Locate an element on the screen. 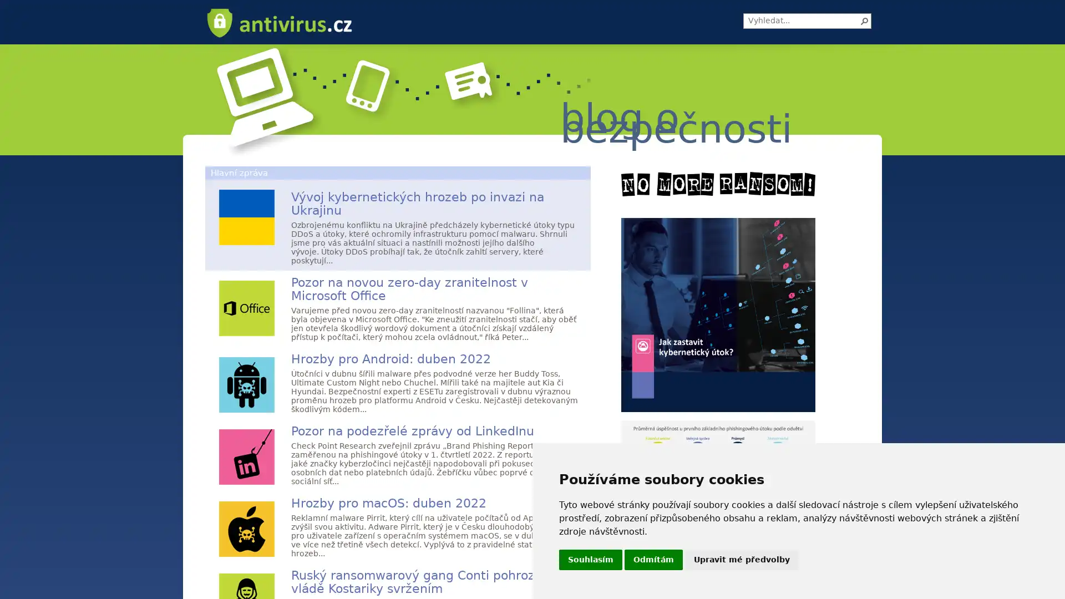 This screenshot has width=1065, height=599. Upravit me predvolby is located at coordinates (742, 560).